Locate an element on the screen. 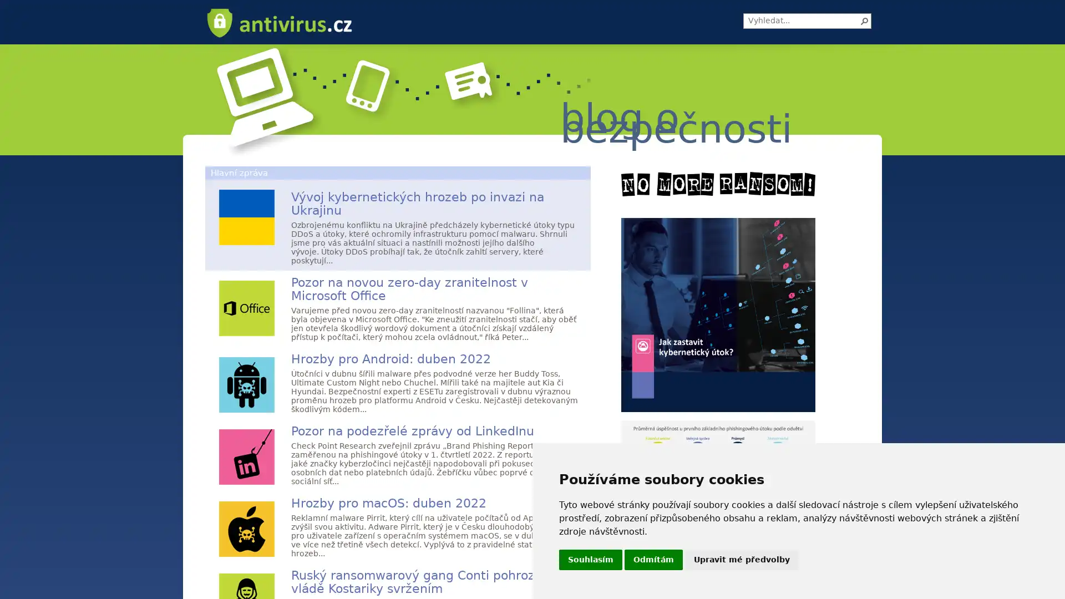 This screenshot has width=1065, height=599. Upravit me predvolby is located at coordinates (742, 560).